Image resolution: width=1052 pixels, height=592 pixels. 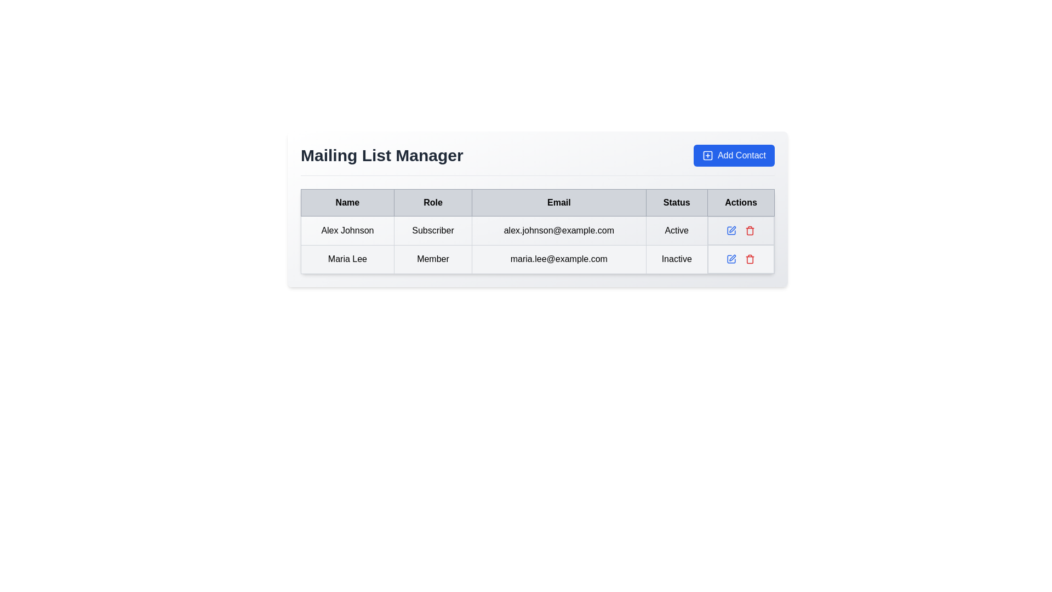 What do you see at coordinates (731, 230) in the screenshot?
I see `the 'Edit' button located in the 'Actions' column of the first row in the table` at bounding box center [731, 230].